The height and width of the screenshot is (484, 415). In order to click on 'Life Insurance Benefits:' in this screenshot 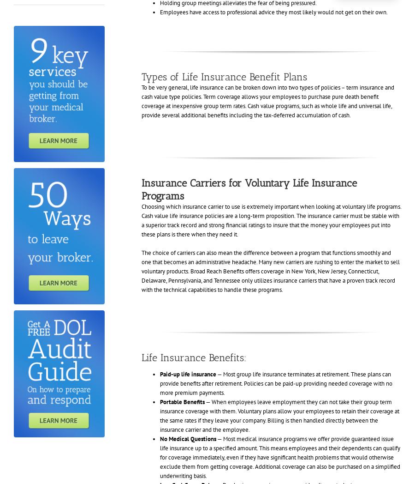, I will do `click(194, 357)`.